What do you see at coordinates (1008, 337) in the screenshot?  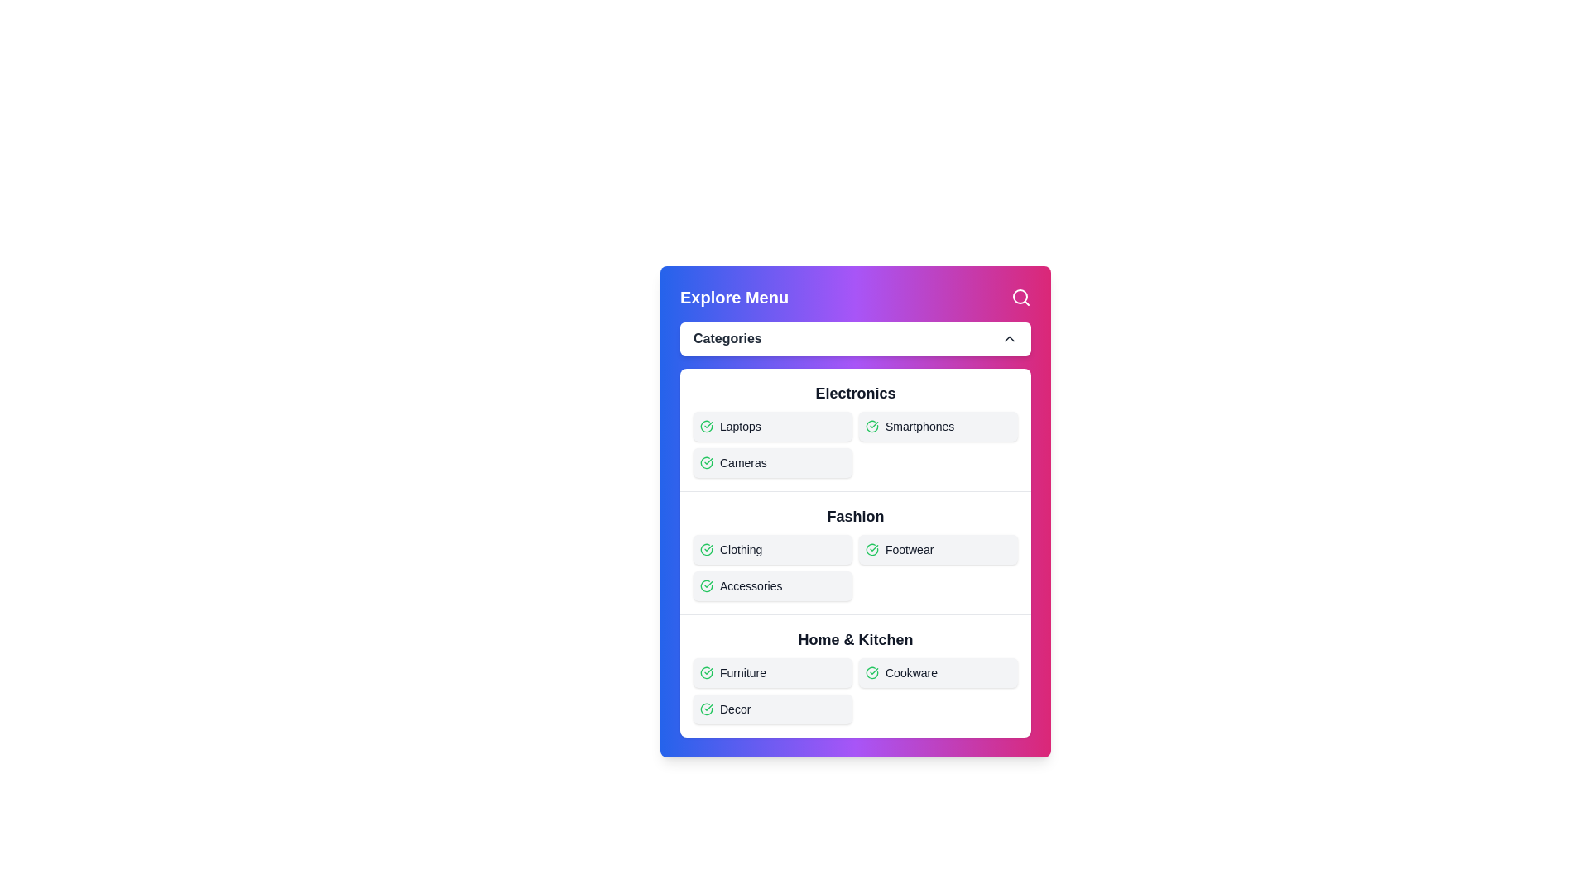 I see `the upward-pointing chevron icon located in the 'Categories' row of the menu interface to initiate an action` at bounding box center [1008, 337].